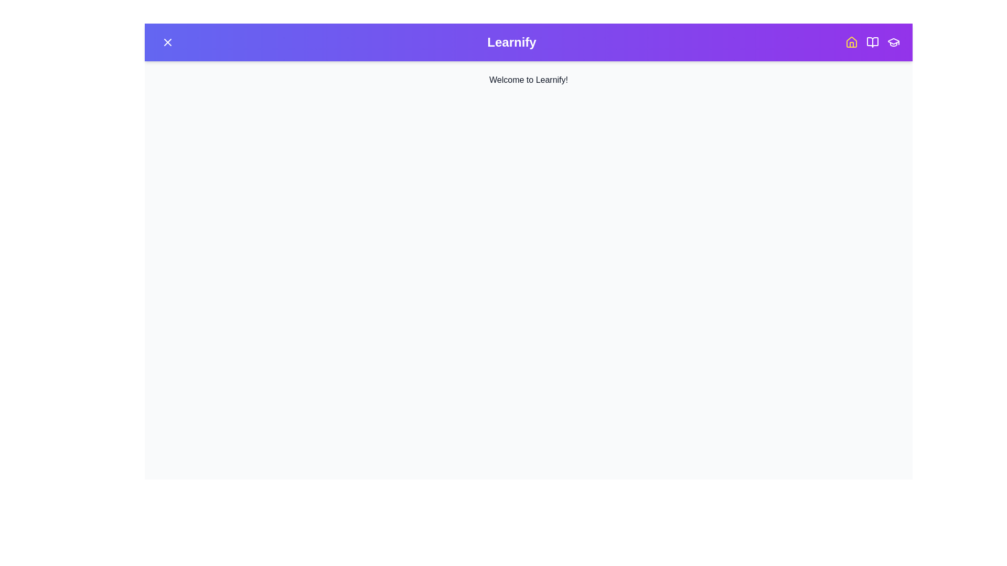 This screenshot has height=566, width=1007. I want to click on toggle button on the top-left corner of the app bar to toggle the menu visibility, so click(168, 42).